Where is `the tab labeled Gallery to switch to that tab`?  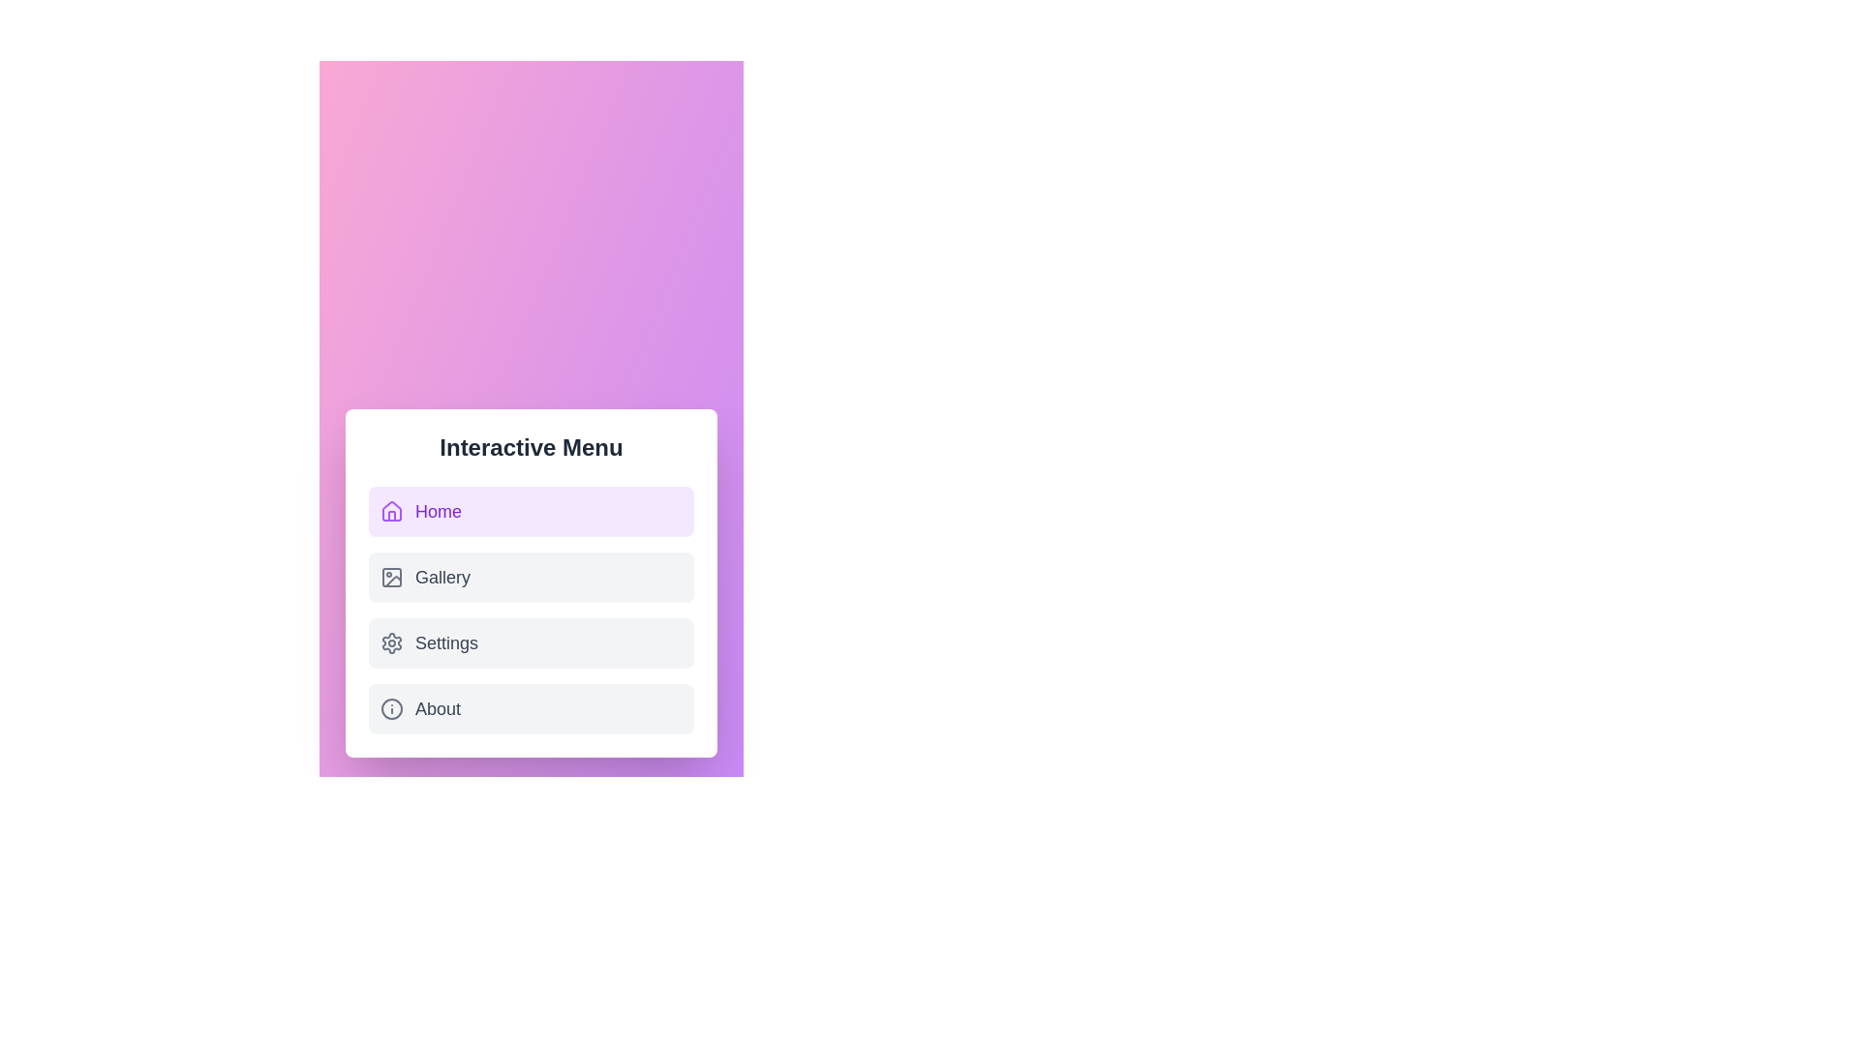 the tab labeled Gallery to switch to that tab is located at coordinates (531, 577).